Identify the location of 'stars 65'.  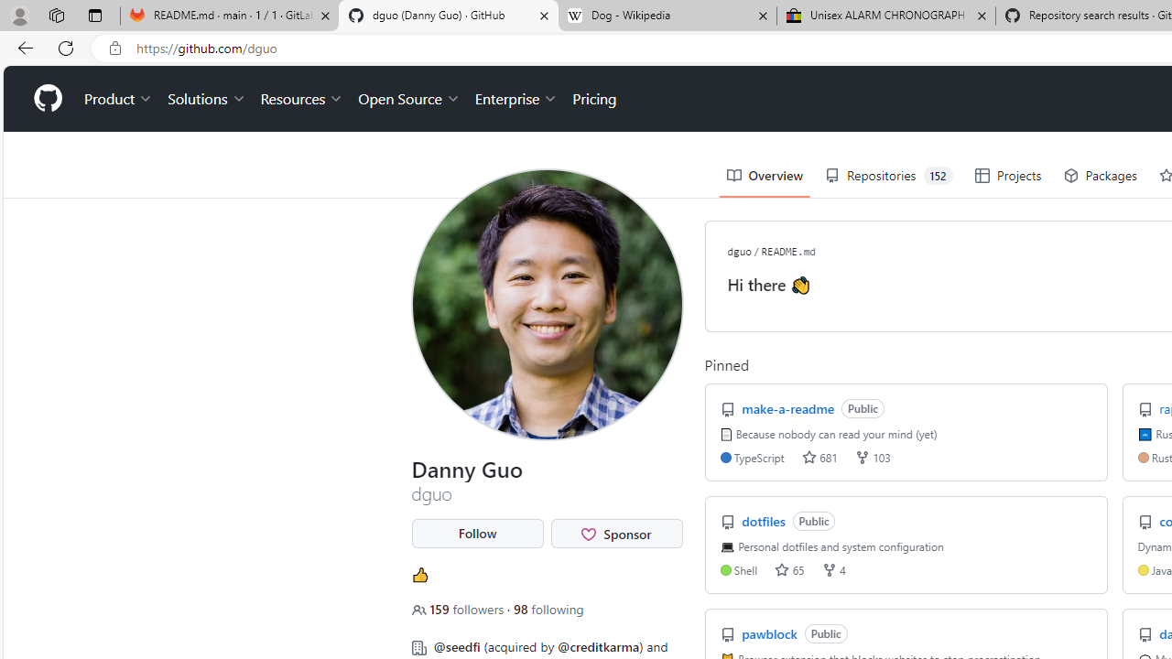
(789, 568).